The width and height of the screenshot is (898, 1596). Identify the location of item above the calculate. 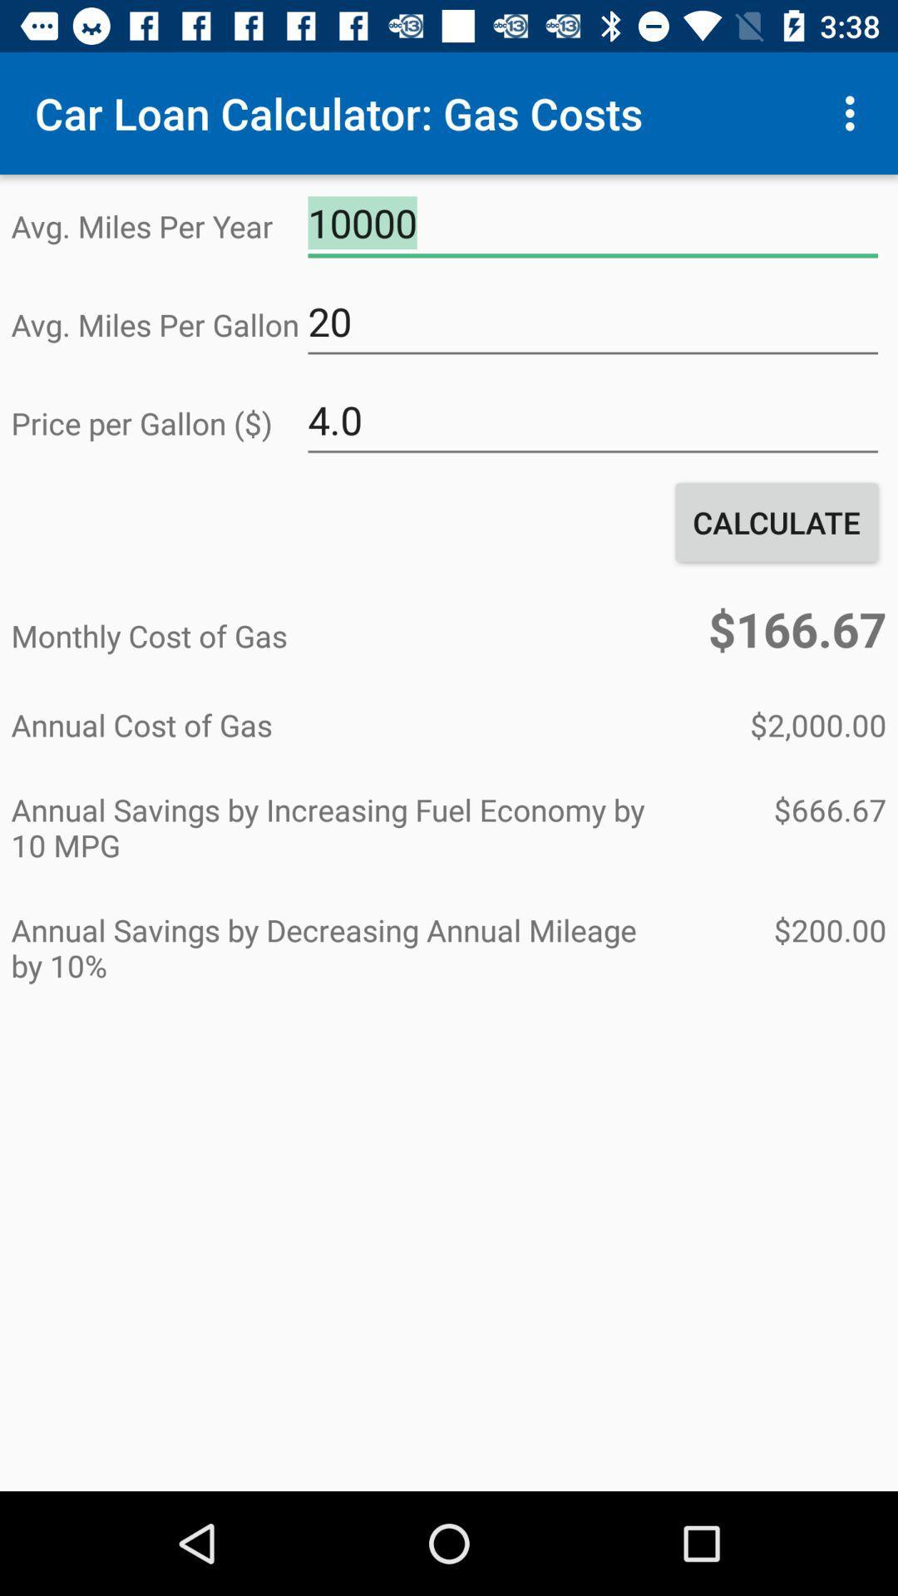
(592, 421).